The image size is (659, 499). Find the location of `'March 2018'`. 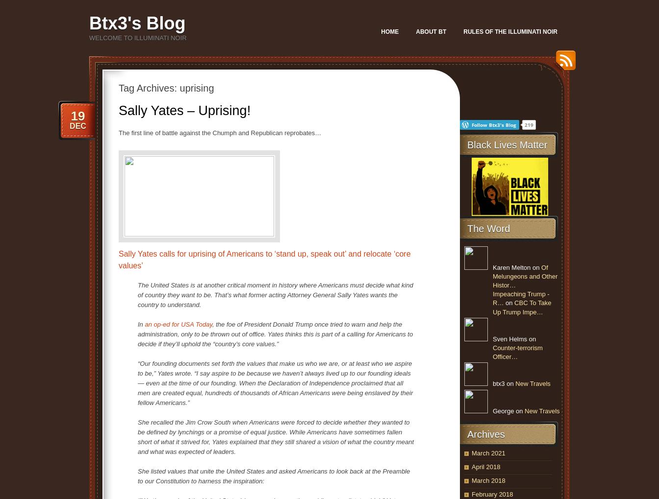

'March 2018' is located at coordinates (472, 480).